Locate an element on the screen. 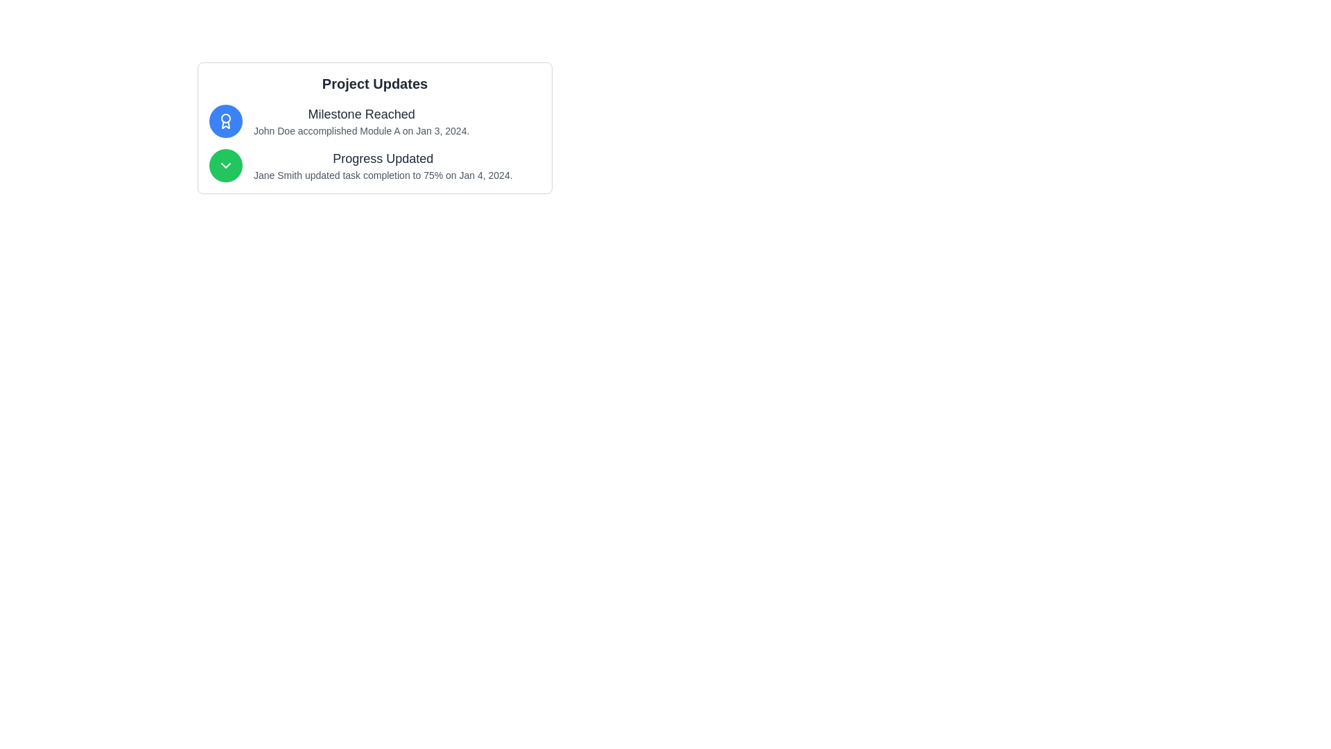 This screenshot has width=1331, height=749. the downward-facing chevron icon, which is white on a green circular background, positioned to the left of the 'Progress Updated' text is located at coordinates (226, 165).